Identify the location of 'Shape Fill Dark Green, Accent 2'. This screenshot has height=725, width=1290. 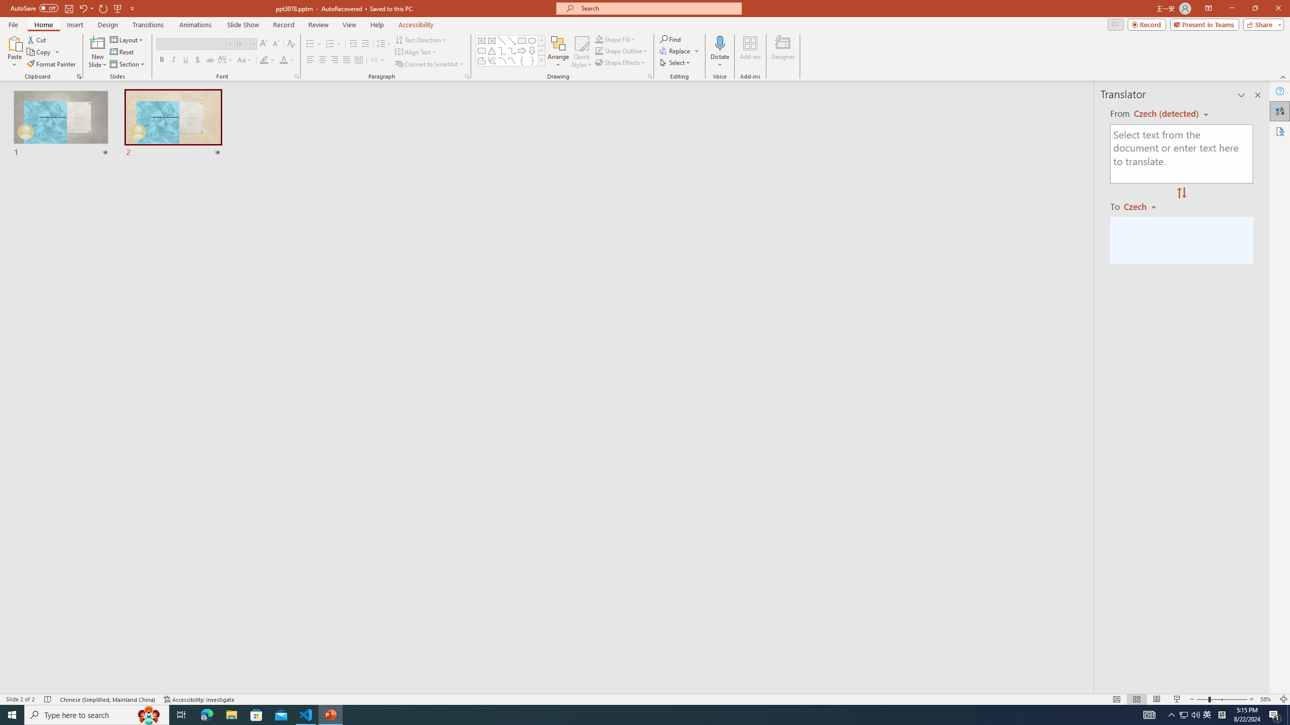
(599, 39).